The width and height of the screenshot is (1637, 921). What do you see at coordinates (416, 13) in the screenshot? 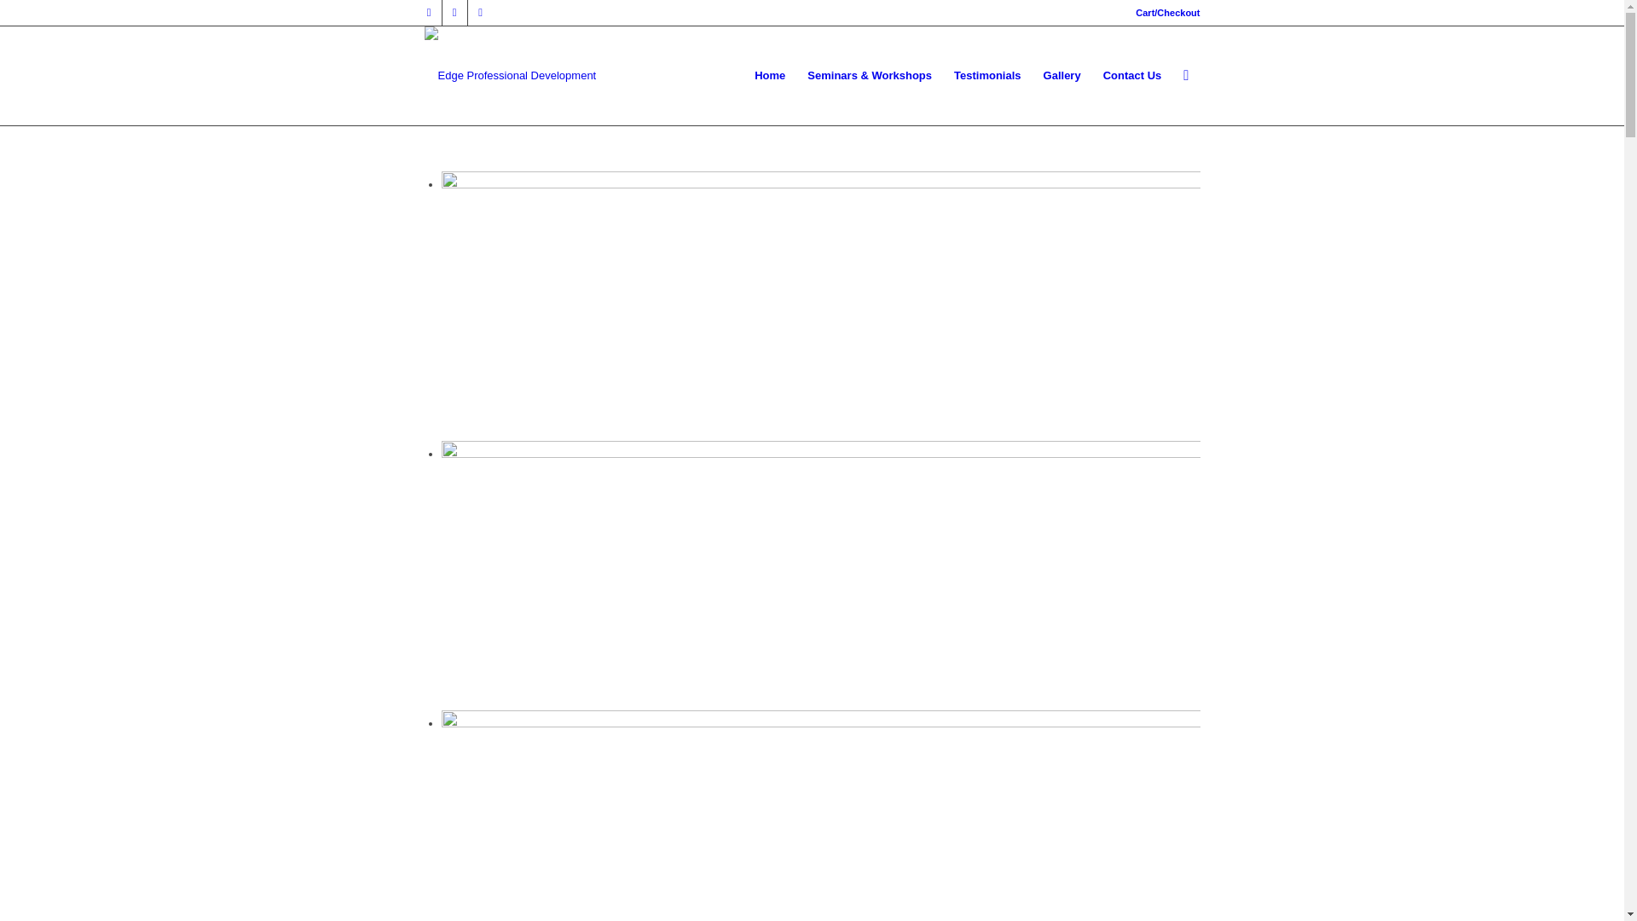
I see `'Facebook'` at bounding box center [416, 13].